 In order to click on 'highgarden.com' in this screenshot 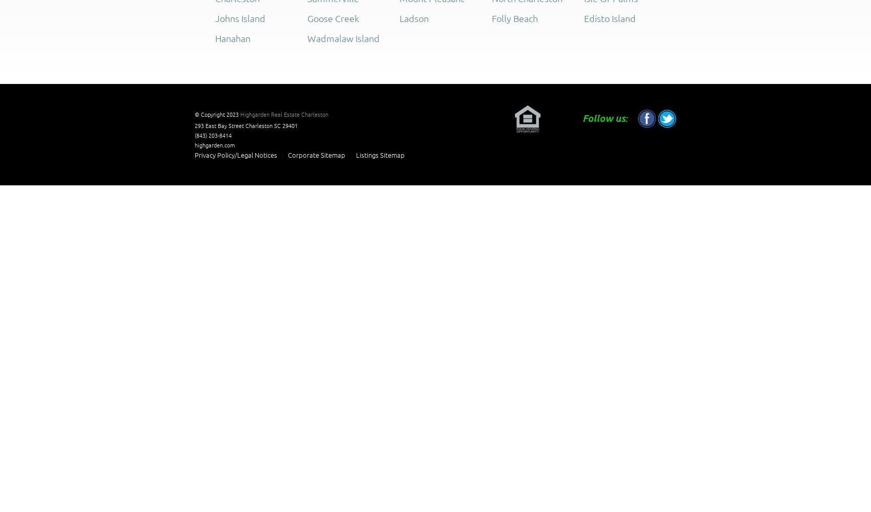, I will do `click(214, 145)`.